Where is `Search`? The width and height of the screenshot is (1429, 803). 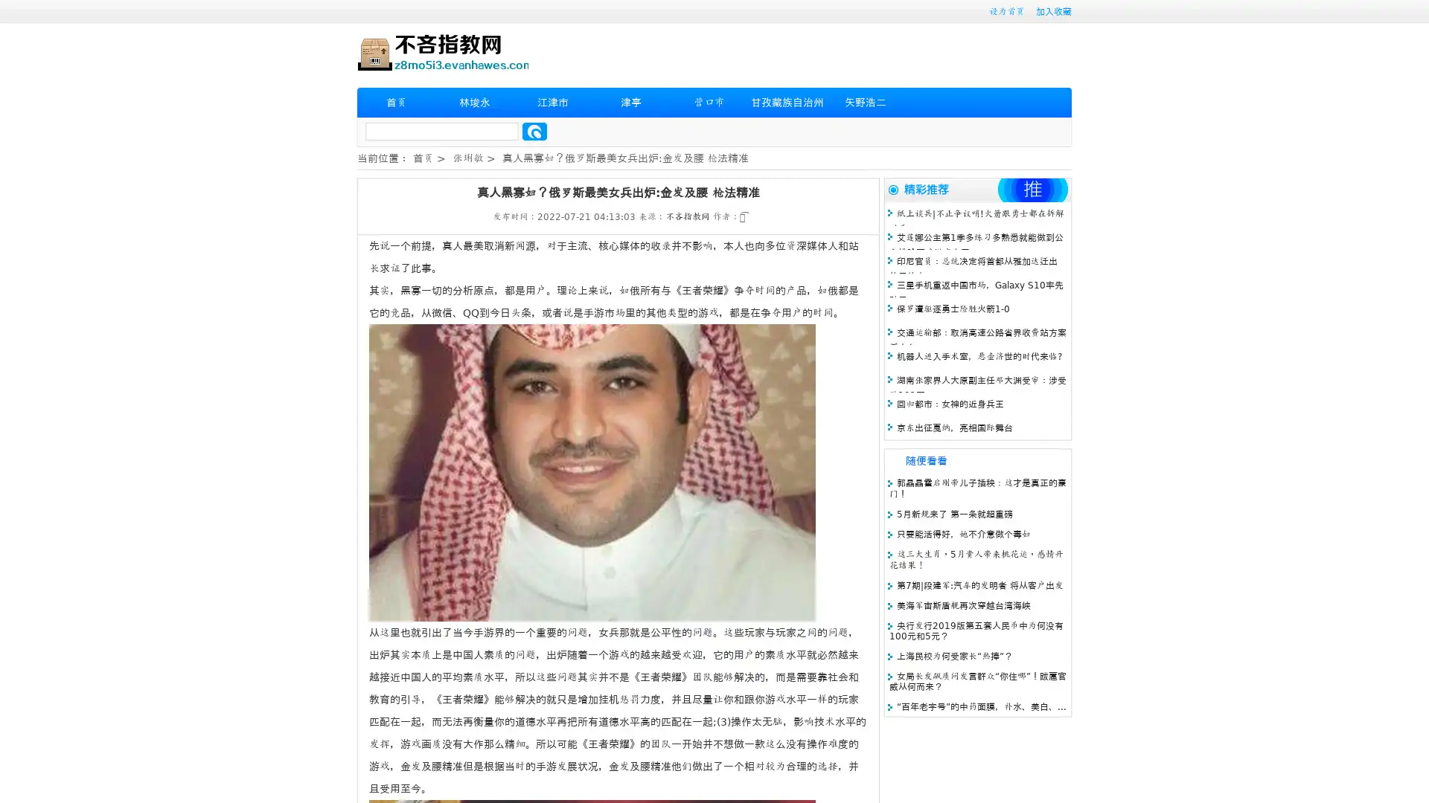 Search is located at coordinates (534, 131).